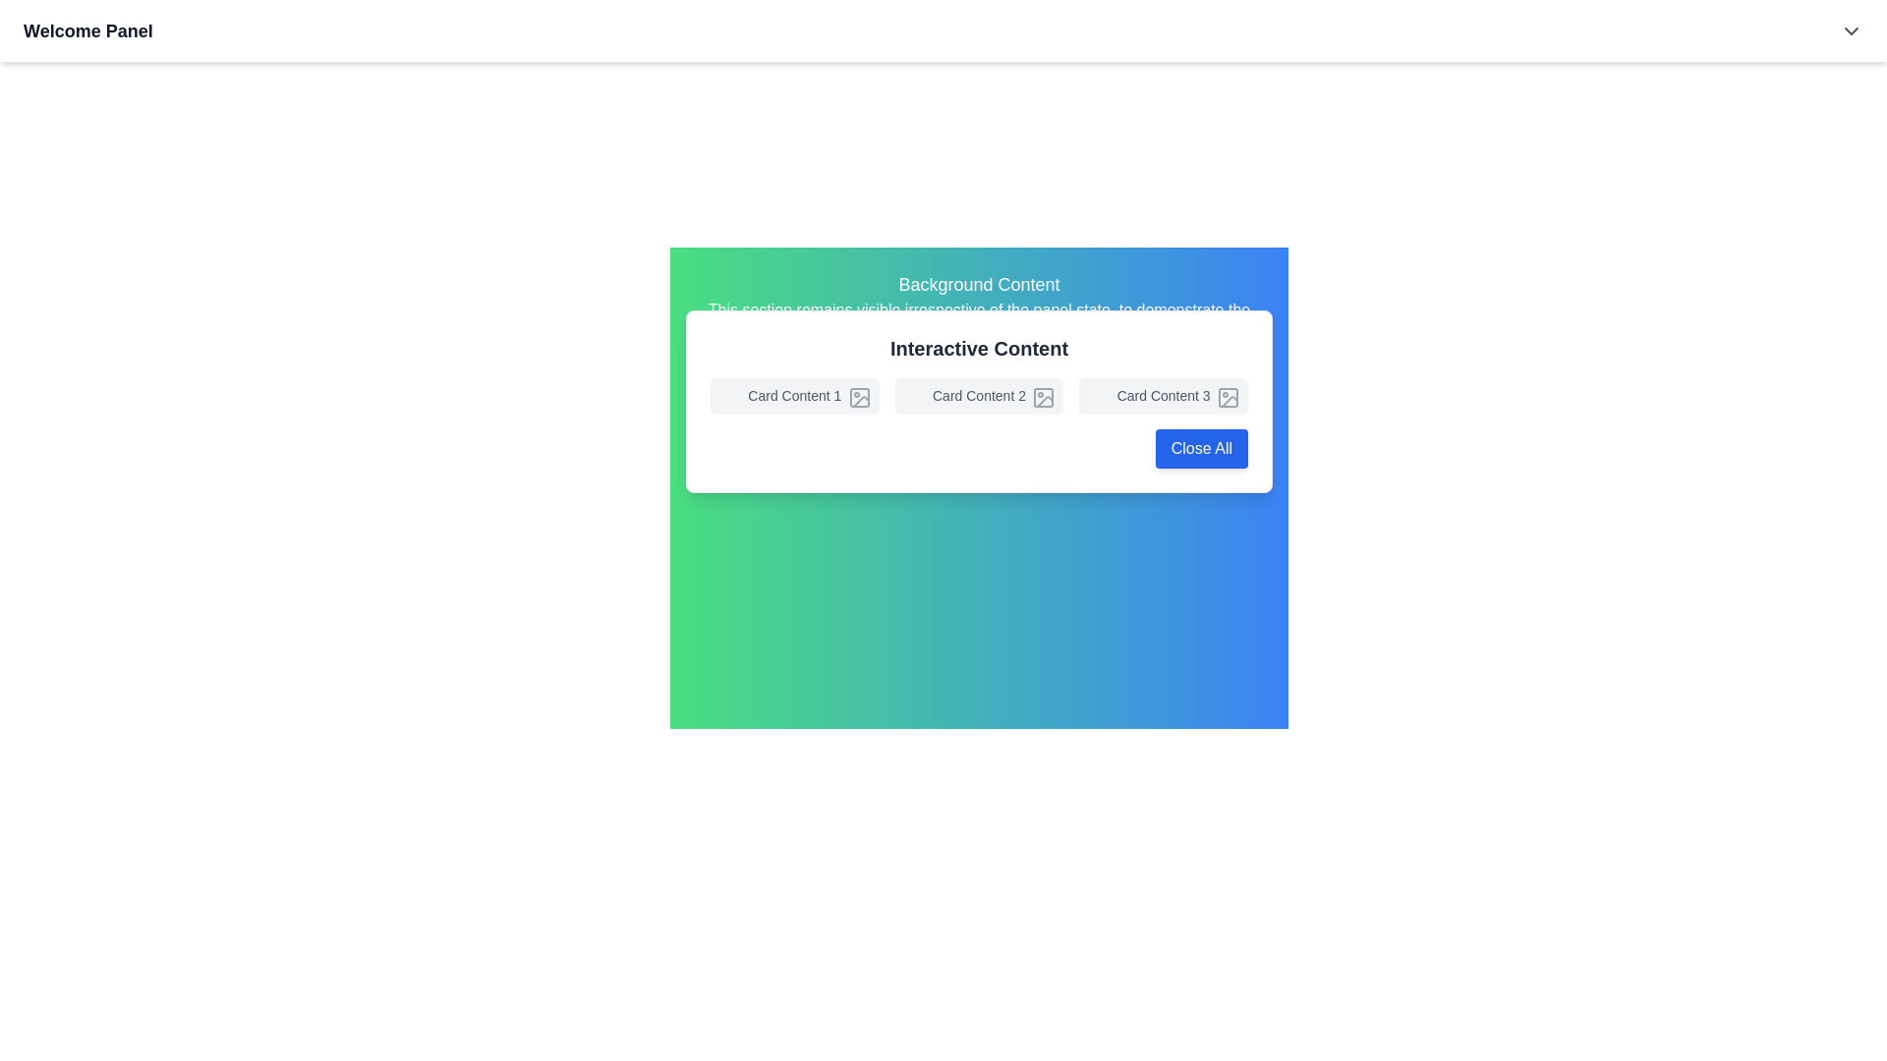 The image size is (1887, 1061). Describe the element at coordinates (794, 395) in the screenshot. I see `the first informational card displaying 'Card Content 1' with a light gray background and a picture frame icon located at the upper-right corner` at that location.